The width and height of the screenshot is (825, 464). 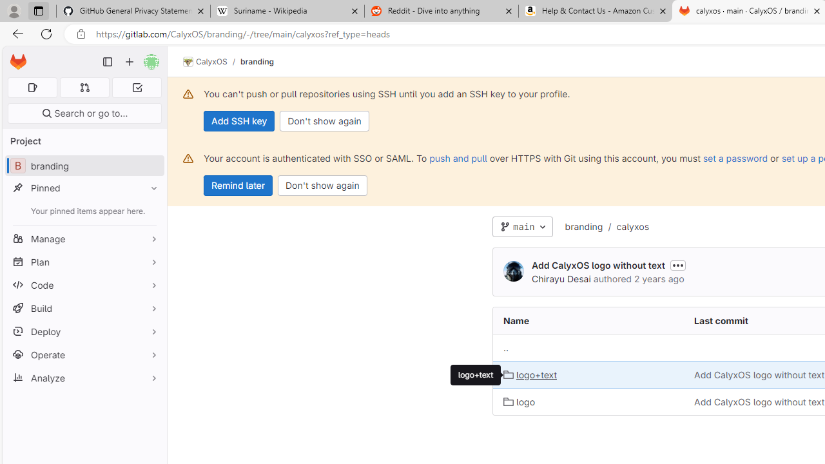 What do you see at coordinates (530, 374) in the screenshot?
I see `'logo+text'` at bounding box center [530, 374].